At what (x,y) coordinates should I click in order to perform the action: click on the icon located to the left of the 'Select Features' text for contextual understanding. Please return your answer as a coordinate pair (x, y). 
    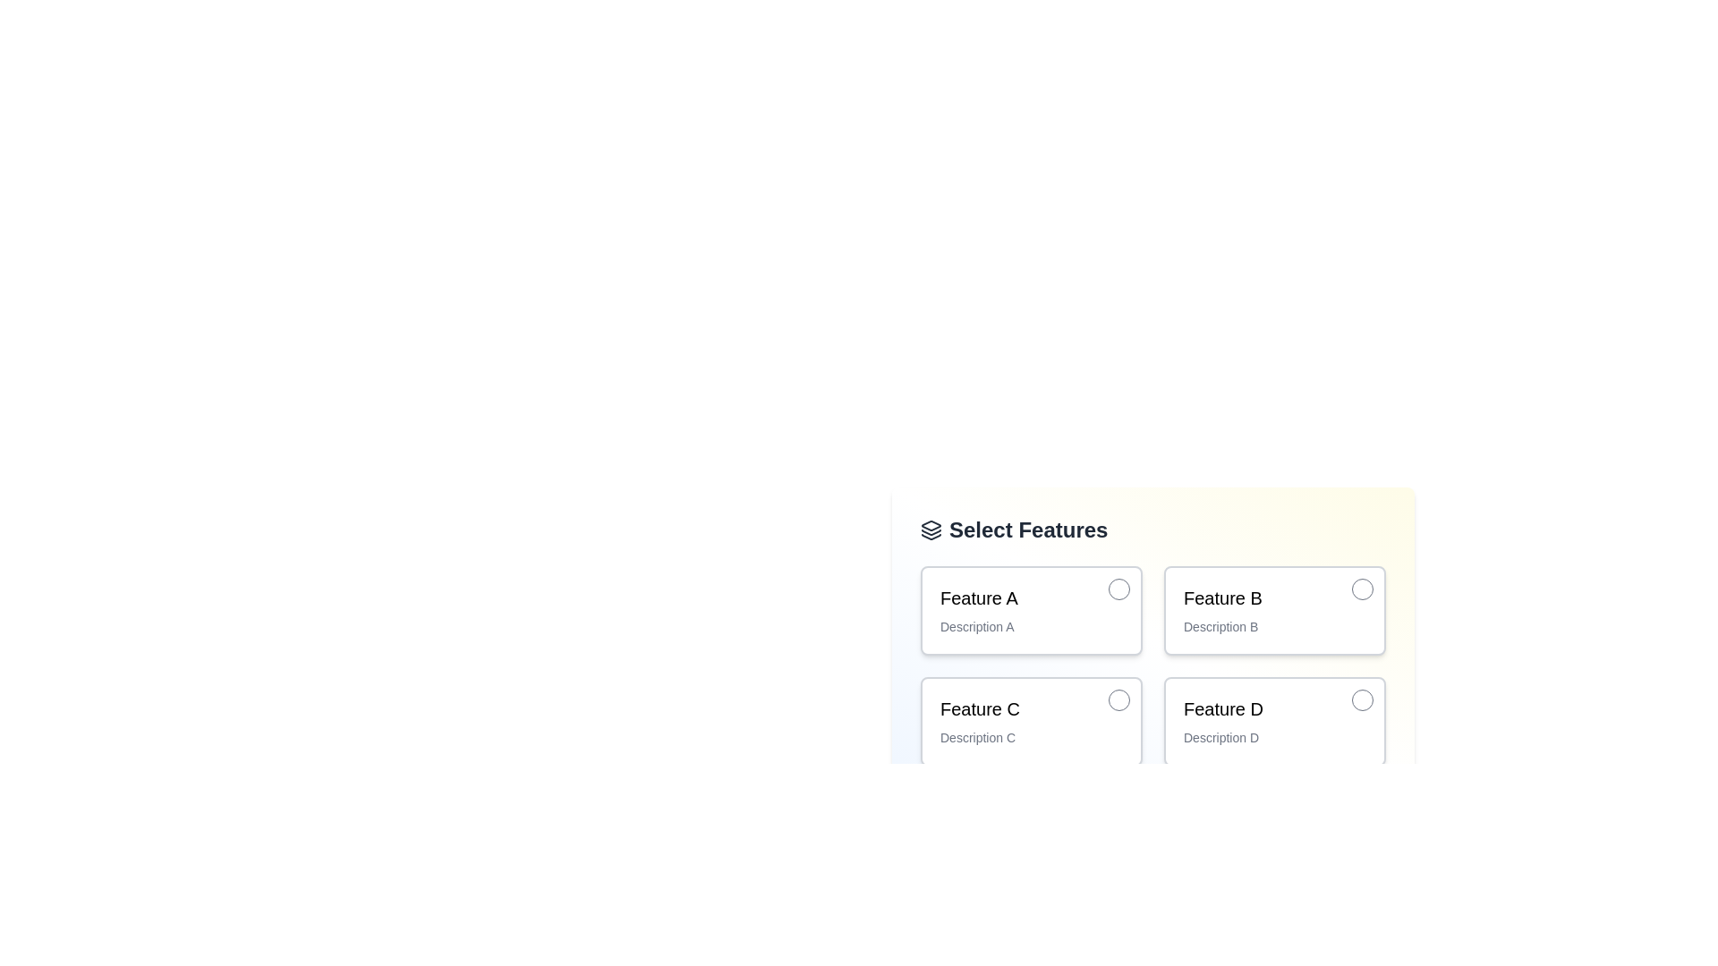
    Looking at the image, I should click on (931, 530).